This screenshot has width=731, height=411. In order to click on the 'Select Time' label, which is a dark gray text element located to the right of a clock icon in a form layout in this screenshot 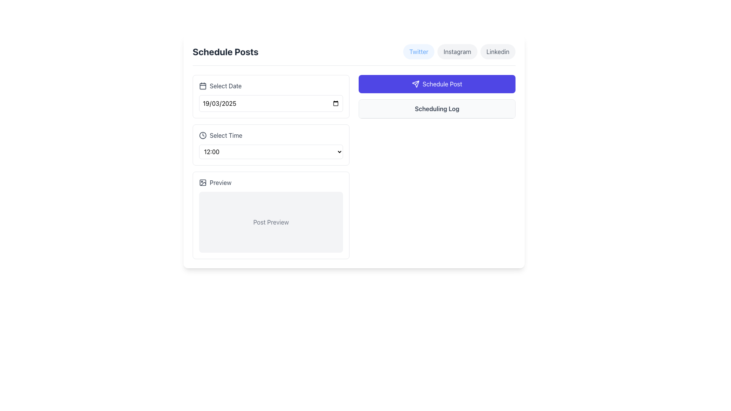, I will do `click(225, 135)`.